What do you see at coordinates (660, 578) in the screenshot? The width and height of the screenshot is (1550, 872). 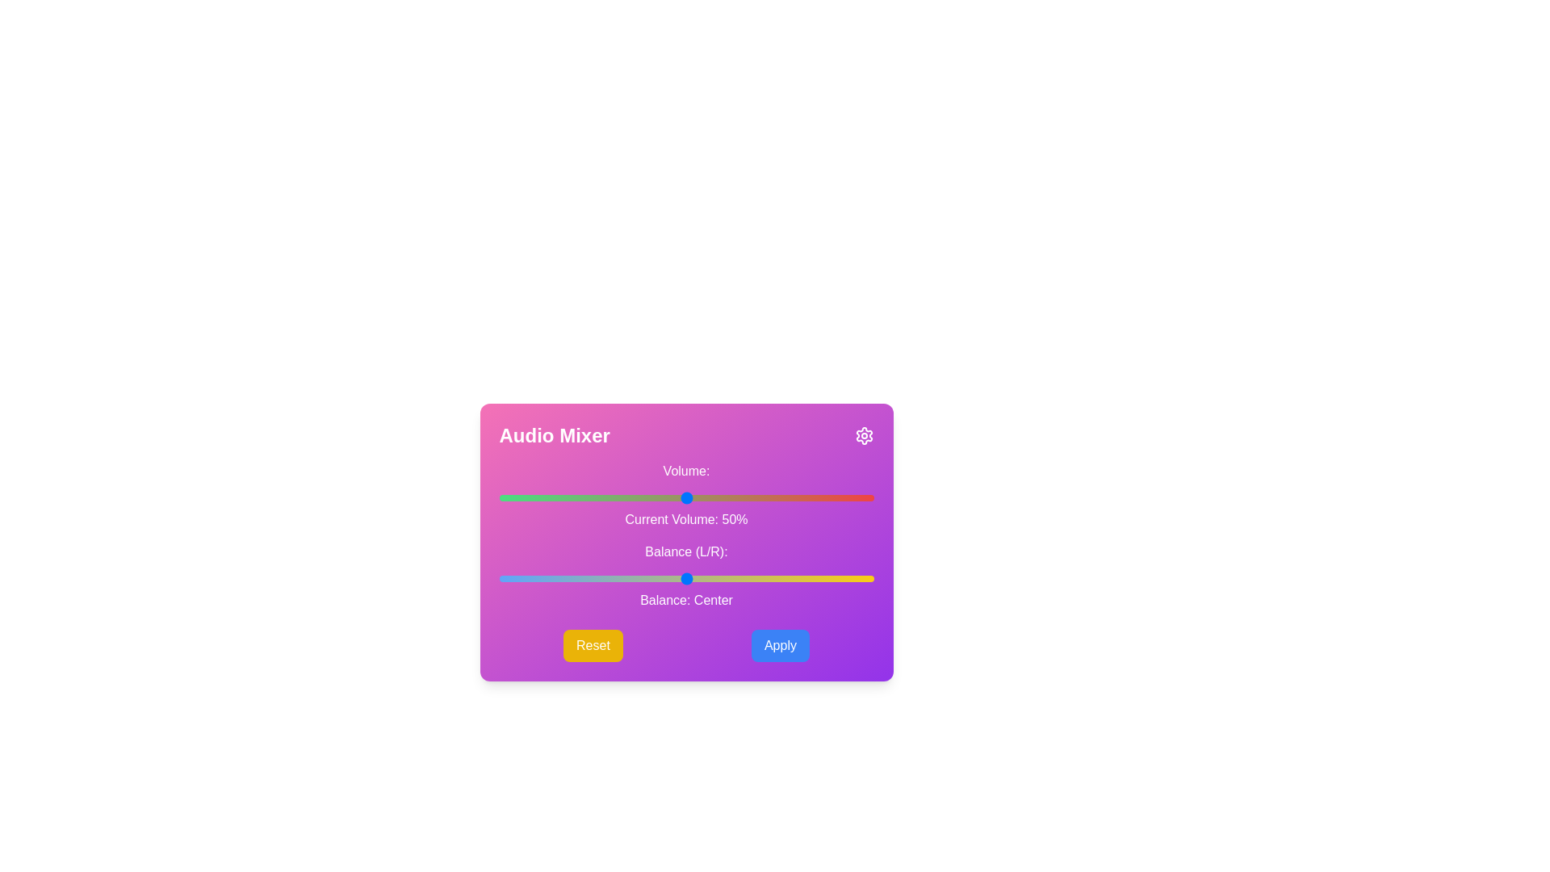 I see `the balance slider to set the balance to -7 where balance is a value between -50 and 50` at bounding box center [660, 578].